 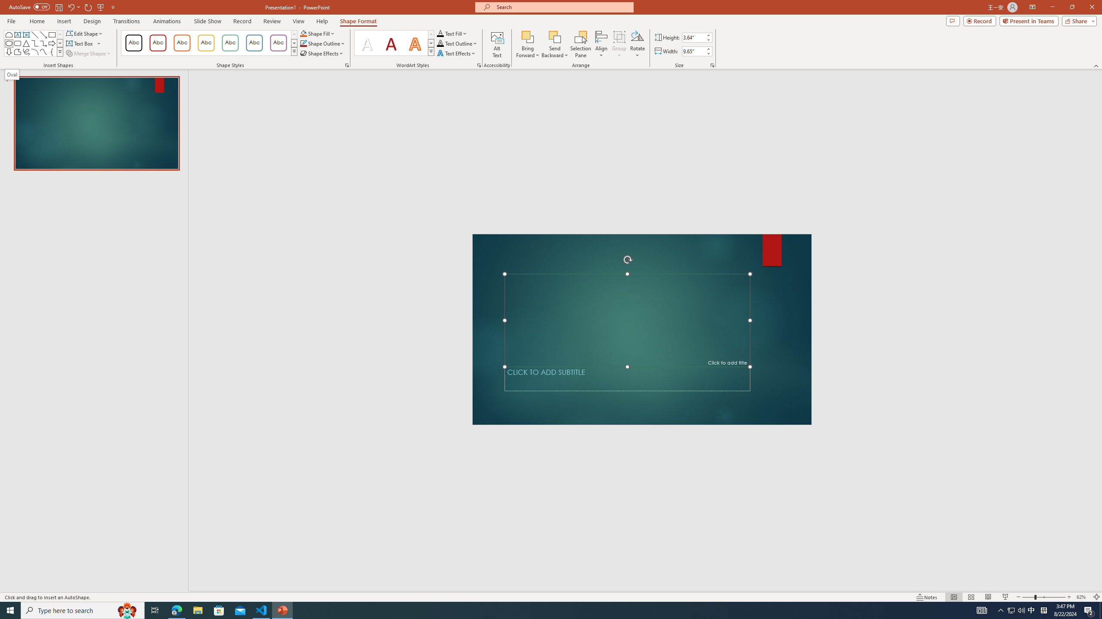 I want to click on 'Isosceles Triangle', so click(x=26, y=43).